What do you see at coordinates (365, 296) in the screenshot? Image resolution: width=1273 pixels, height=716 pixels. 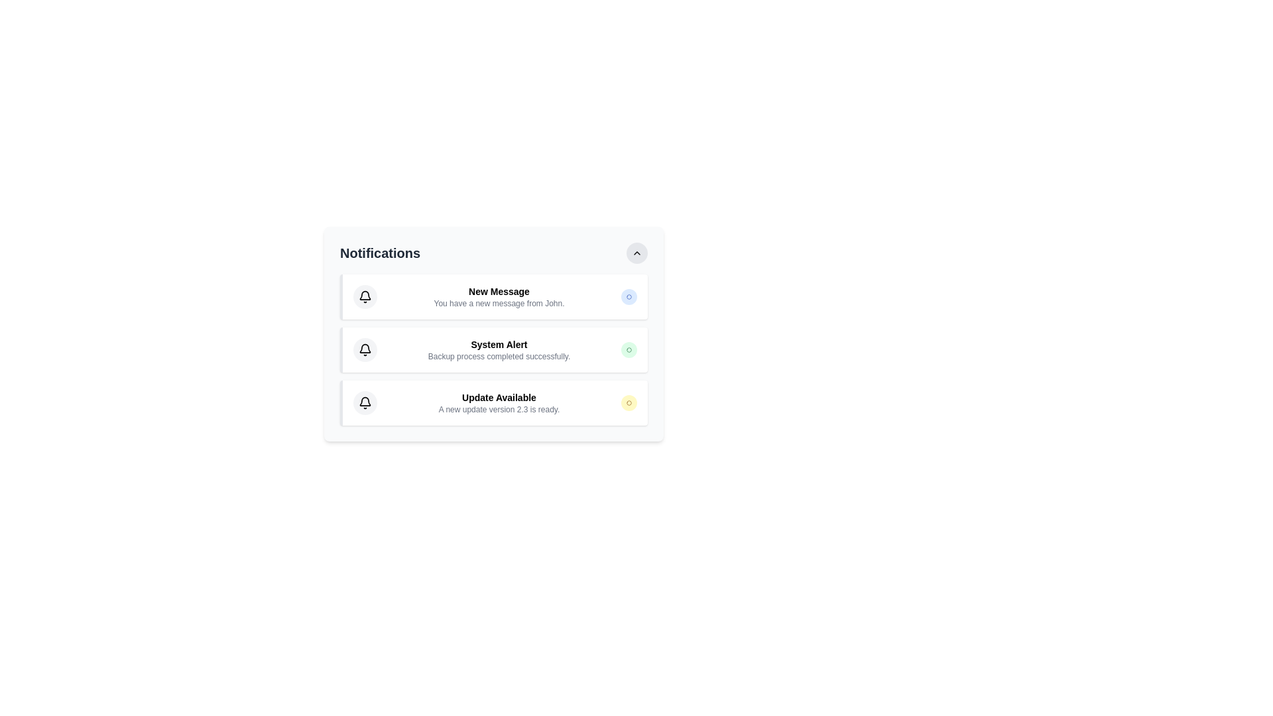 I see `the bell-shaped notification icon` at bounding box center [365, 296].